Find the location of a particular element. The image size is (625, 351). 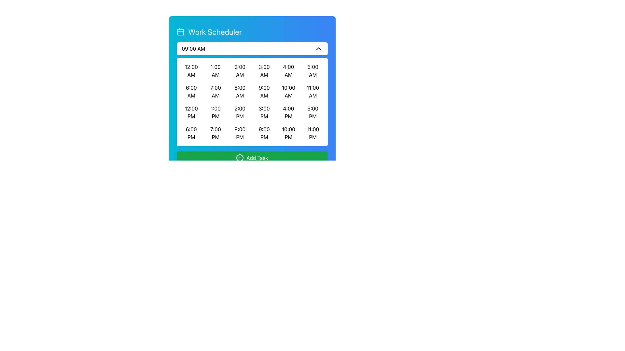

the Dropdown Selector labeled '09:00 AM' is located at coordinates (252, 48).